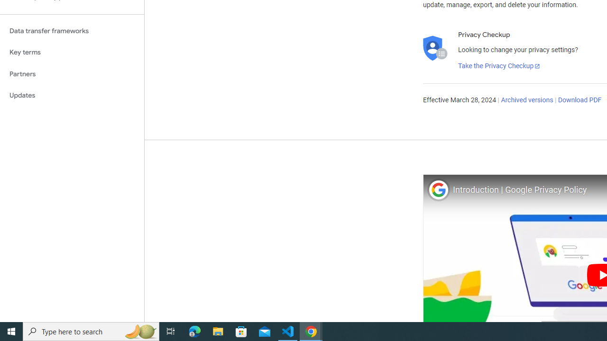  Describe the element at coordinates (72, 73) in the screenshot. I see `'Partners'` at that location.